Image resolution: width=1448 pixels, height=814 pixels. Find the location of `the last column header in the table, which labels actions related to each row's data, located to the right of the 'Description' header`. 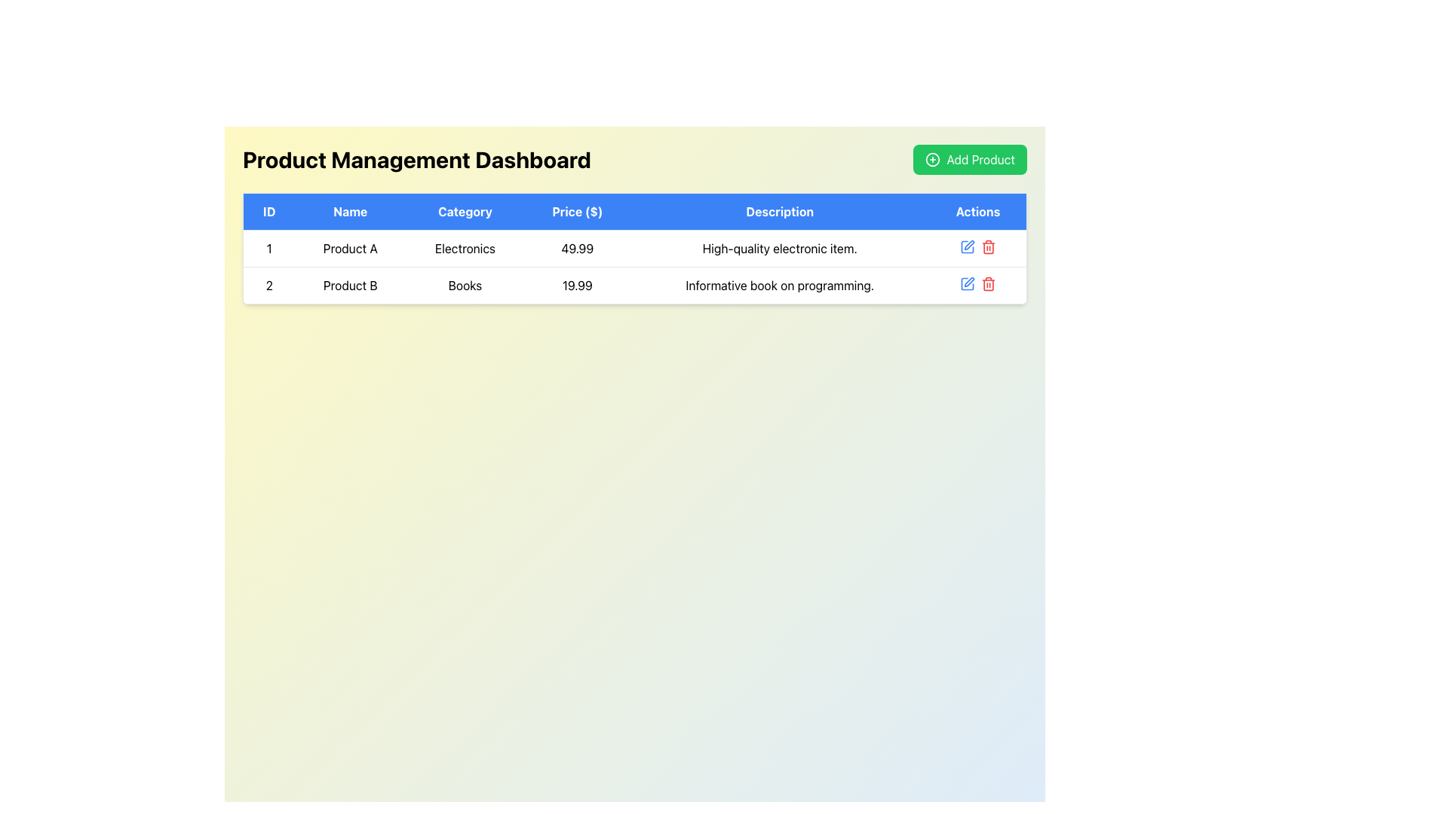

the last column header in the table, which labels actions related to each row's data, located to the right of the 'Description' header is located at coordinates (978, 212).